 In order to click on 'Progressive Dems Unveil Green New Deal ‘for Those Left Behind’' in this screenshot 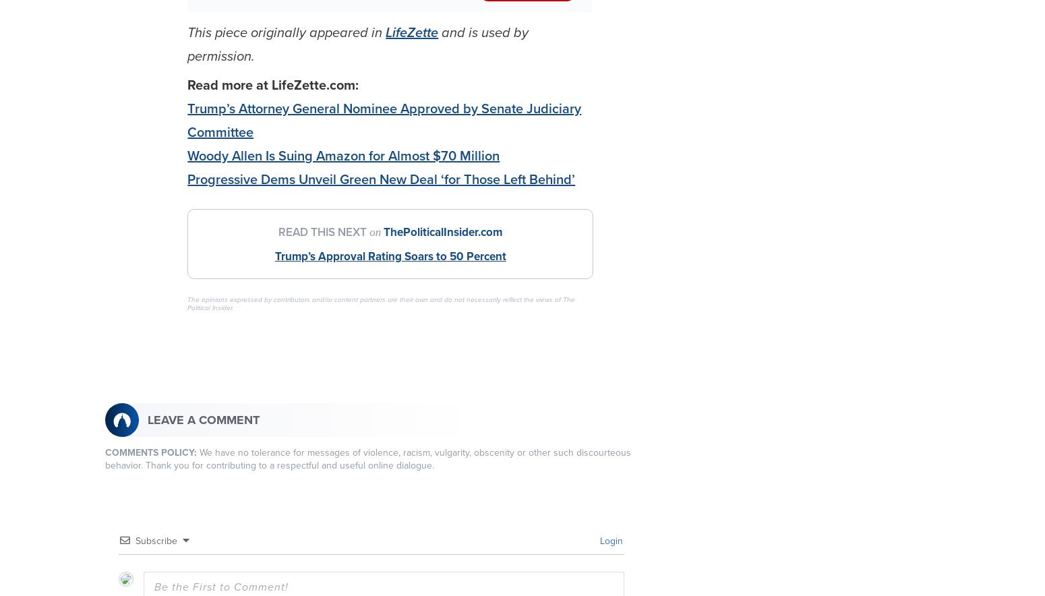, I will do `click(381, 179)`.